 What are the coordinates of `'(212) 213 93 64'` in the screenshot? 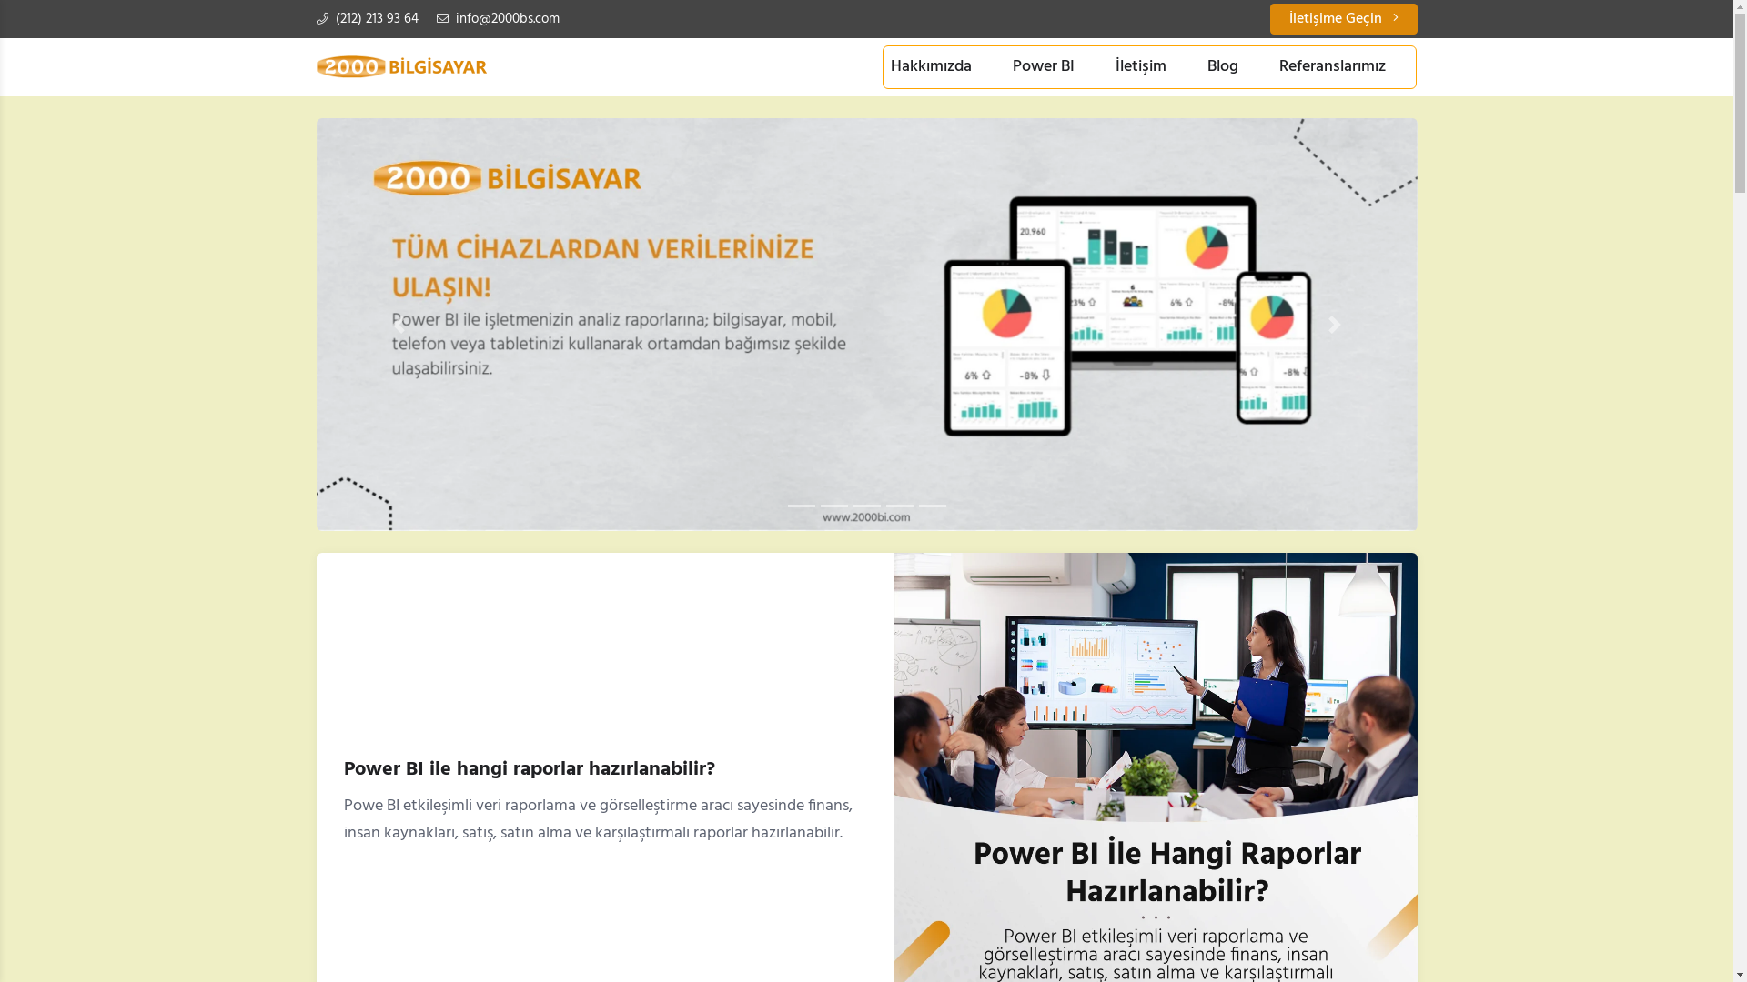 It's located at (366, 18).